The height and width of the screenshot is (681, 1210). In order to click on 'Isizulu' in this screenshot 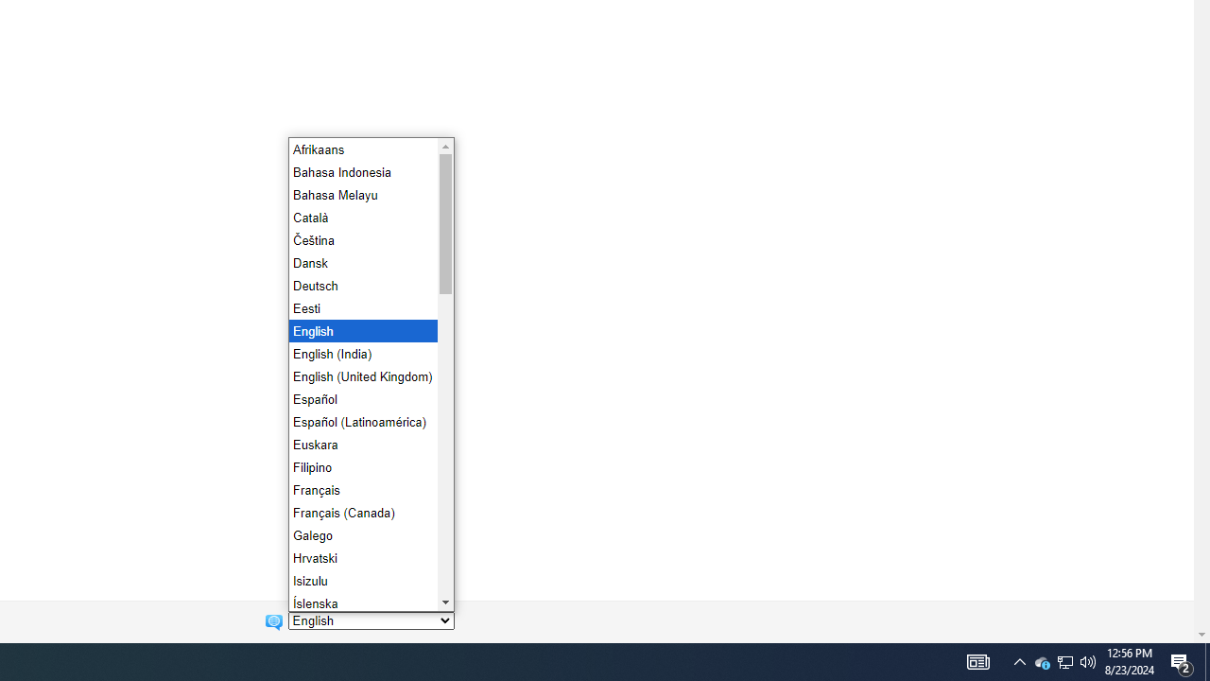, I will do `click(361, 579)`.